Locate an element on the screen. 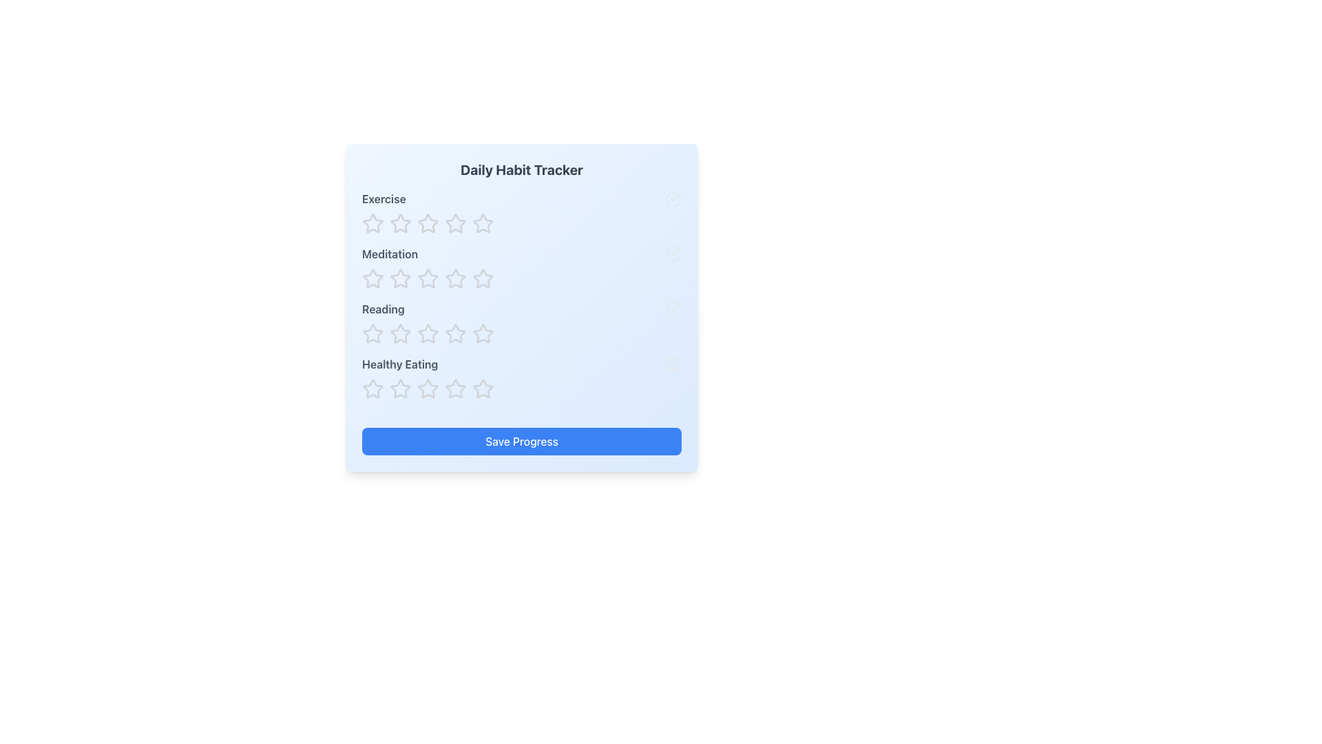  the second star-shaped icon from the left in the row associated with 'Exercise' in the habit tracker interface is located at coordinates (428, 223).